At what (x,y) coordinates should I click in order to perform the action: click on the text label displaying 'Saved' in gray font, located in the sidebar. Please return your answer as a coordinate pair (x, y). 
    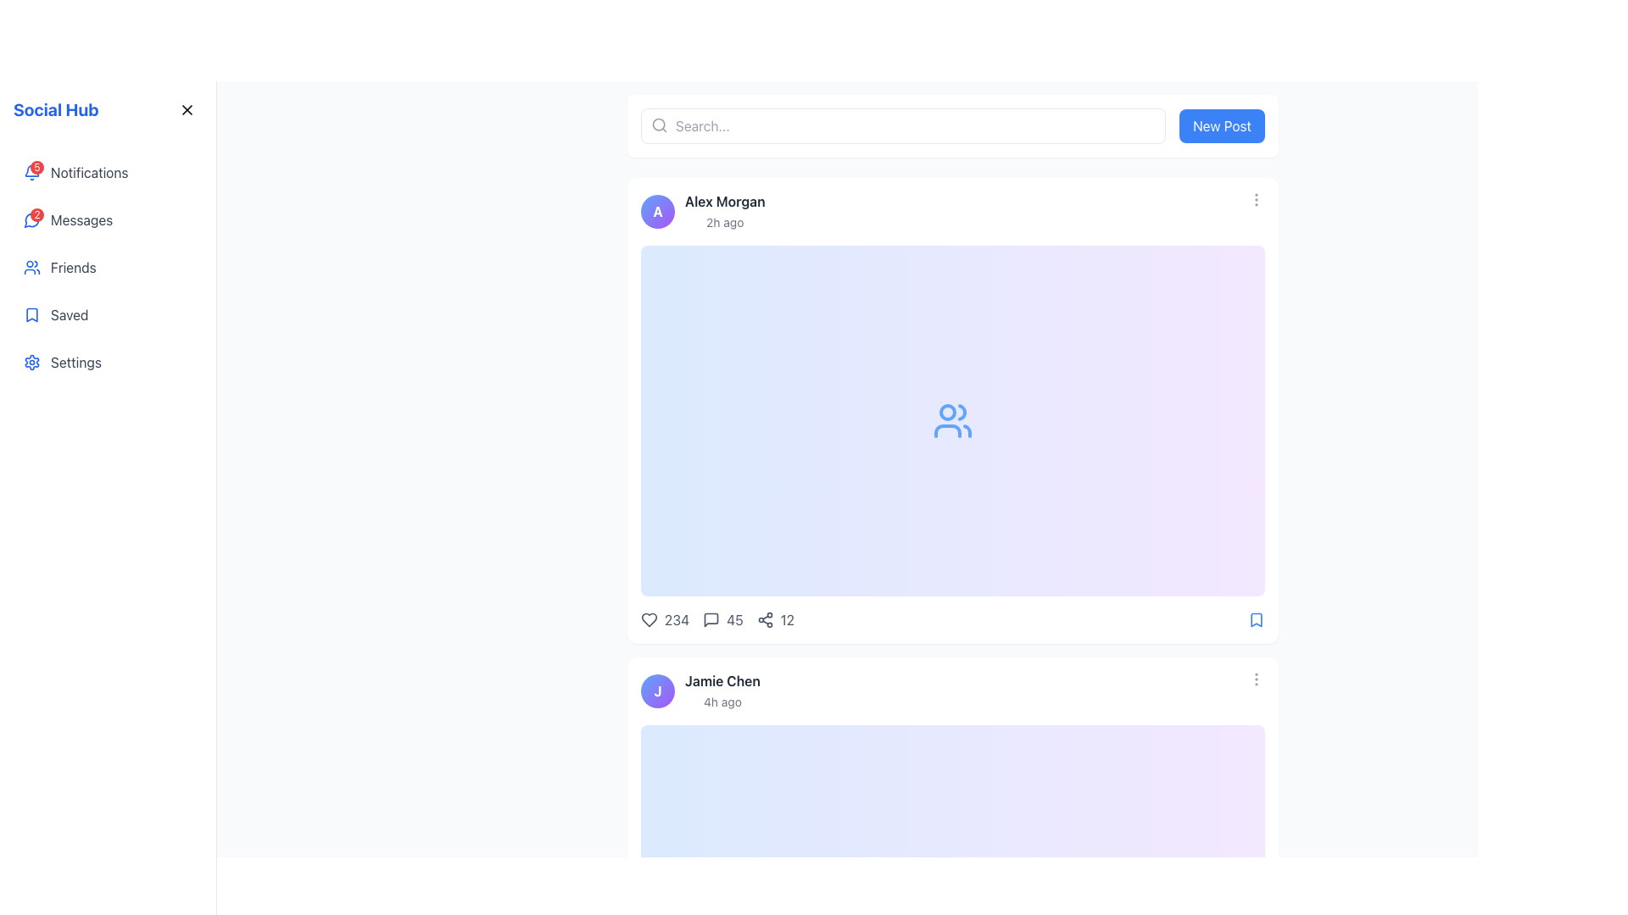
    Looking at the image, I should click on (69, 314).